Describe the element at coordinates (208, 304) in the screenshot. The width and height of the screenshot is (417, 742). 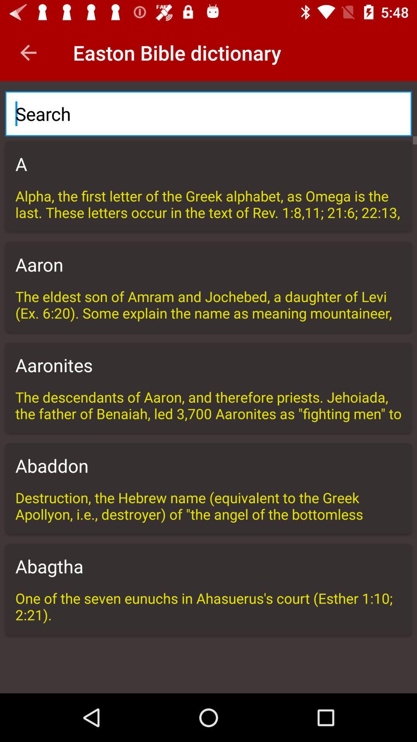
I see `item above the aaronites icon` at that location.